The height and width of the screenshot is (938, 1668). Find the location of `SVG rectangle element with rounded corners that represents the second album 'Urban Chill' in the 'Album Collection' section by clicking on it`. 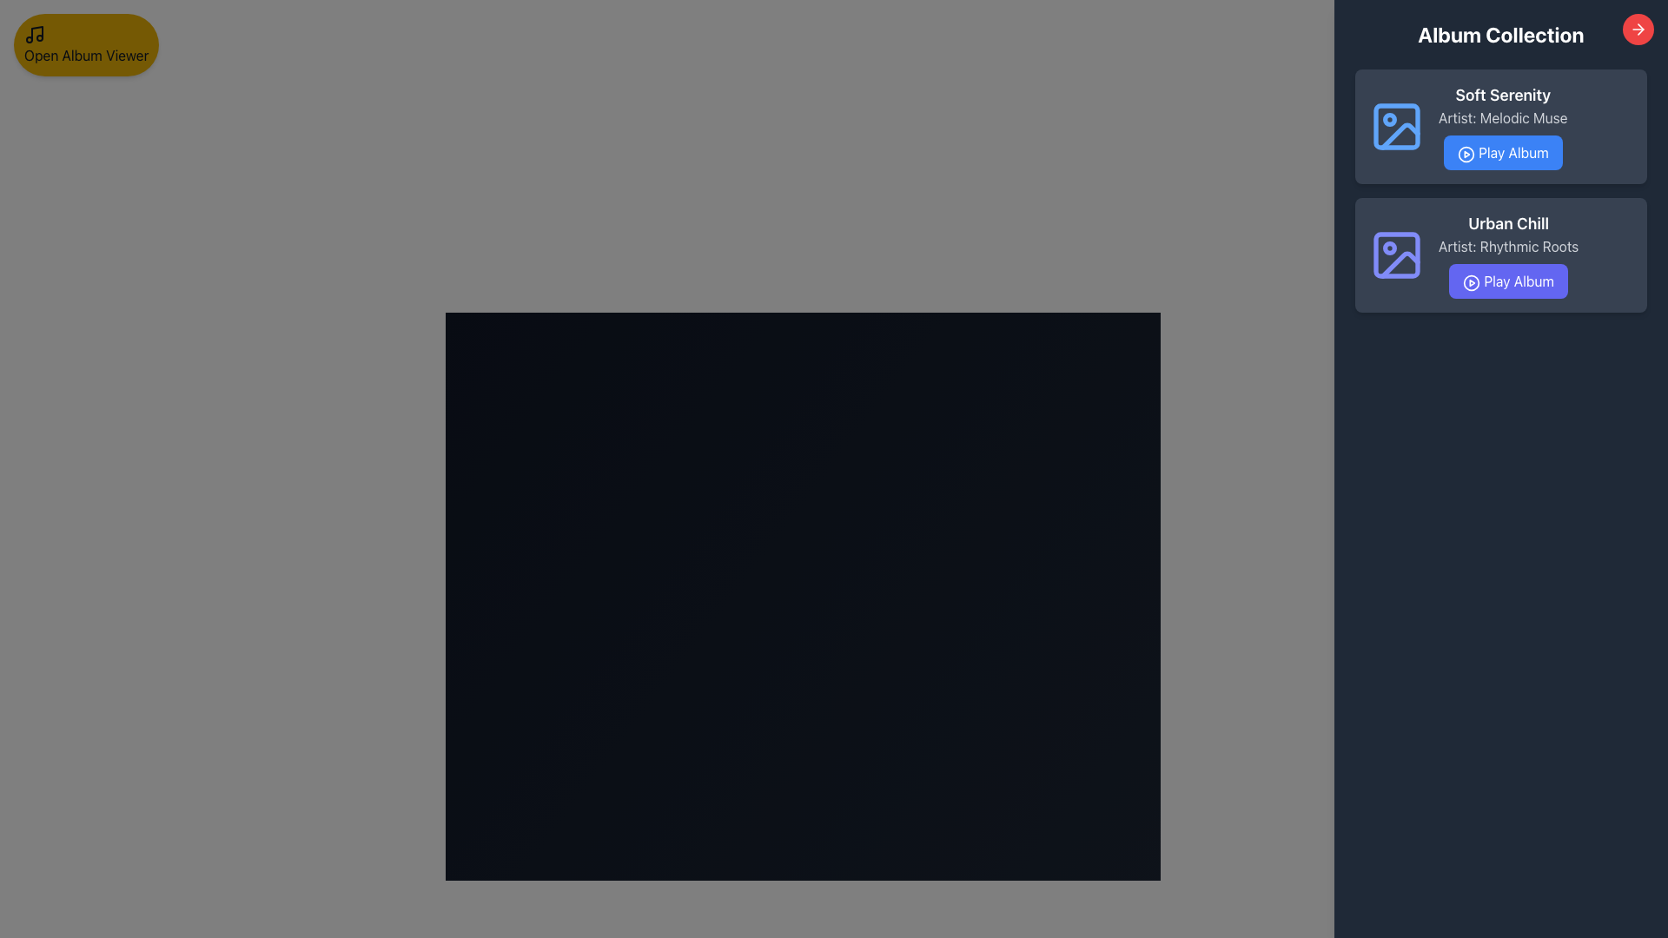

SVG rectangle element with rounded corners that represents the second album 'Urban Chill' in the 'Album Collection' section by clicking on it is located at coordinates (1397, 254).